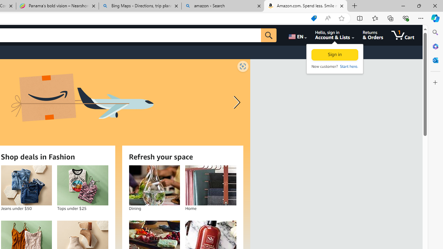 Image resolution: width=443 pixels, height=249 pixels. I want to click on 'Dining', so click(154, 185).